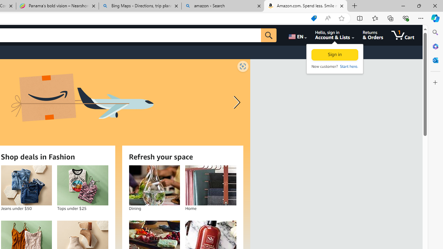 Image resolution: width=443 pixels, height=249 pixels. I want to click on 'Dining', so click(154, 185).